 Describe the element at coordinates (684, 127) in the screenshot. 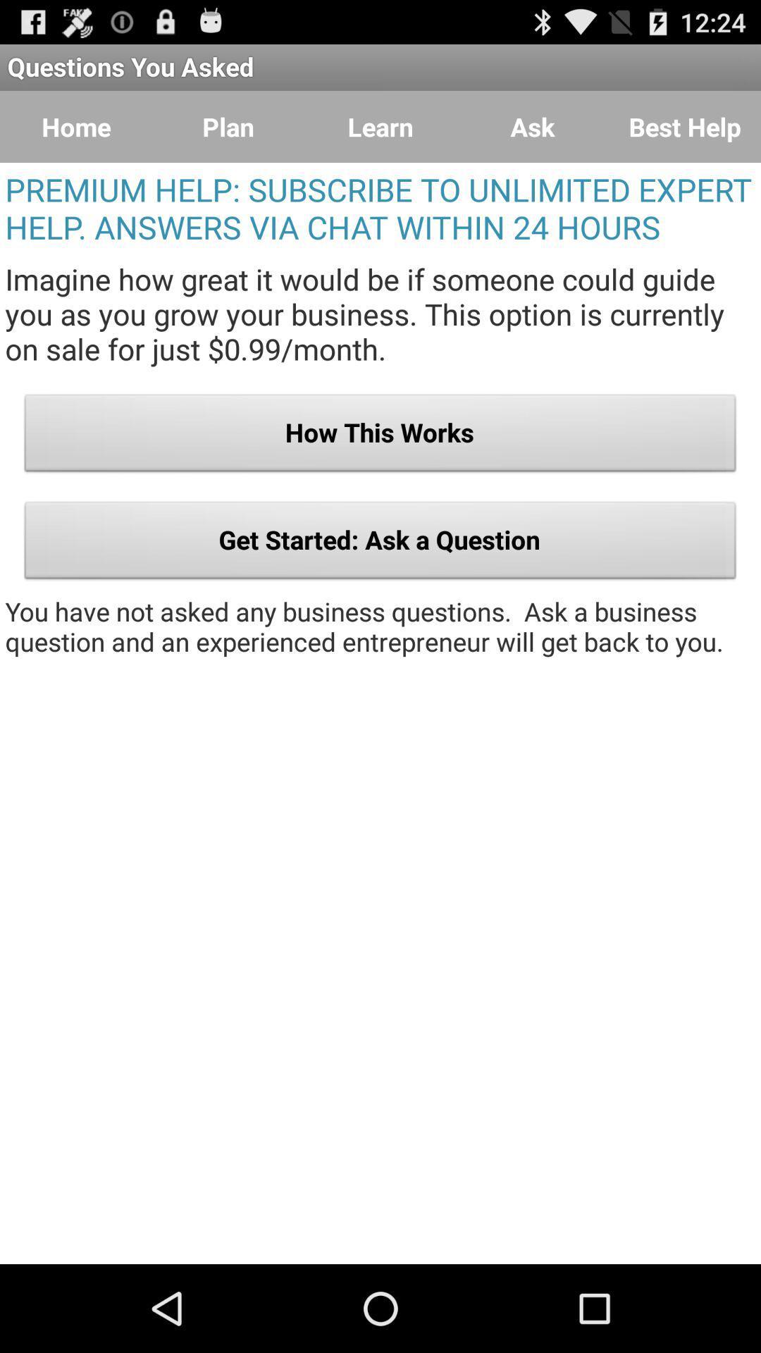

I see `item above the premium help subscribe icon` at that location.